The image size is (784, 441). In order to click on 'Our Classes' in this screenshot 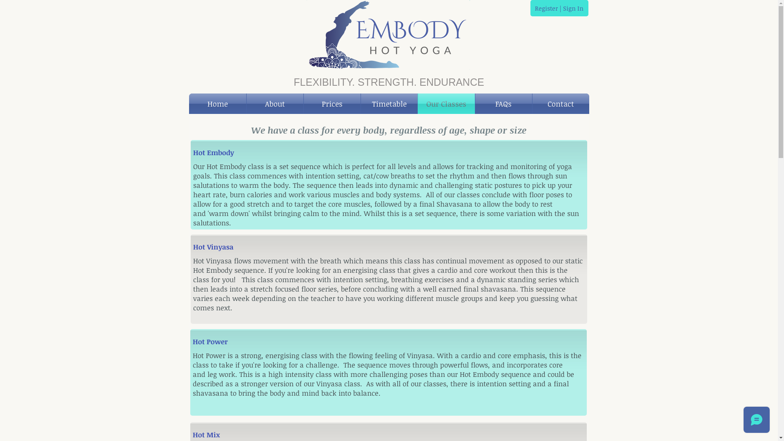, I will do `click(418, 103)`.